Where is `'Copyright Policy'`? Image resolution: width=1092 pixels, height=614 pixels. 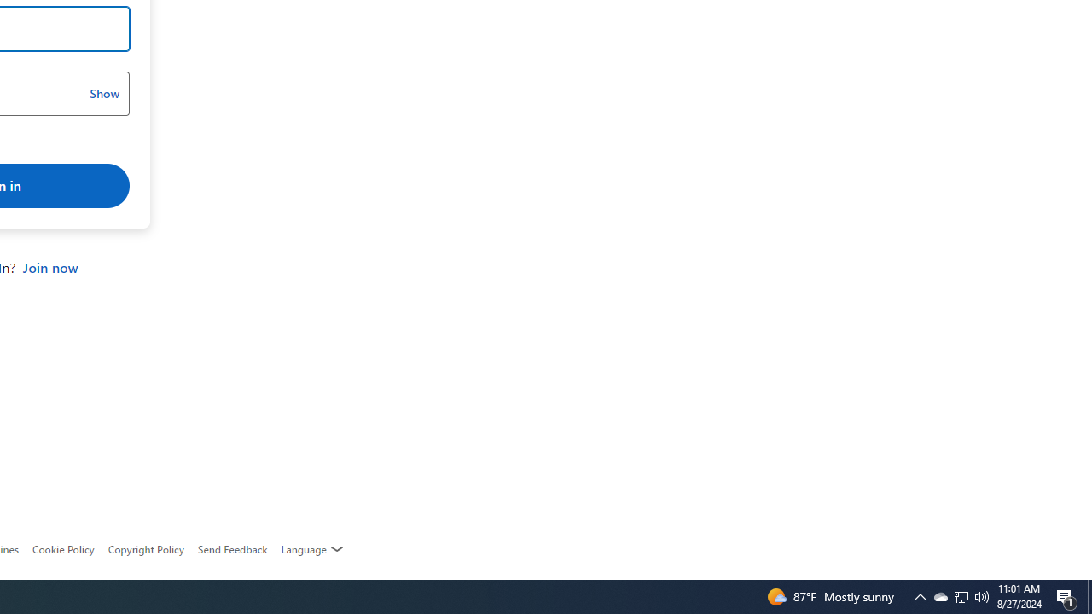
'Copyright Policy' is located at coordinates (145, 549).